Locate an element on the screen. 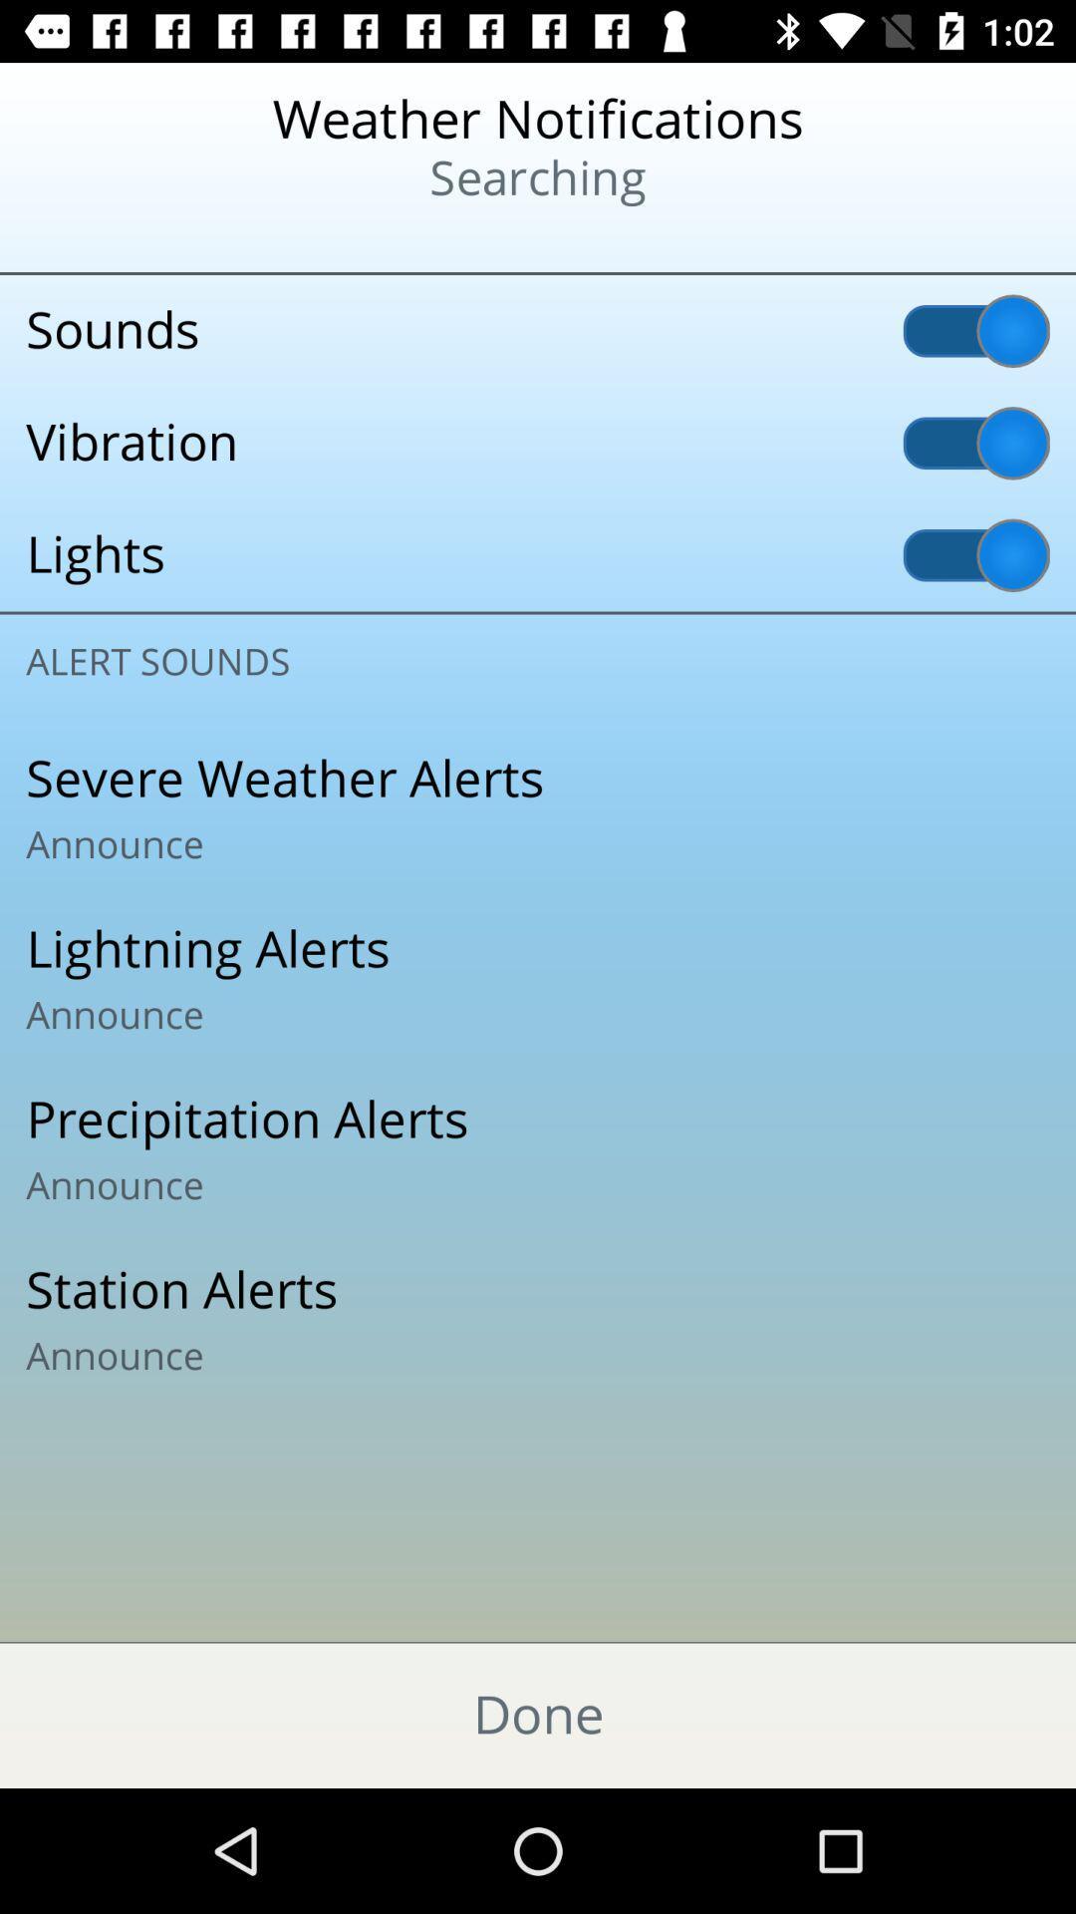 This screenshot has width=1076, height=1914. the done icon is located at coordinates (538, 1715).